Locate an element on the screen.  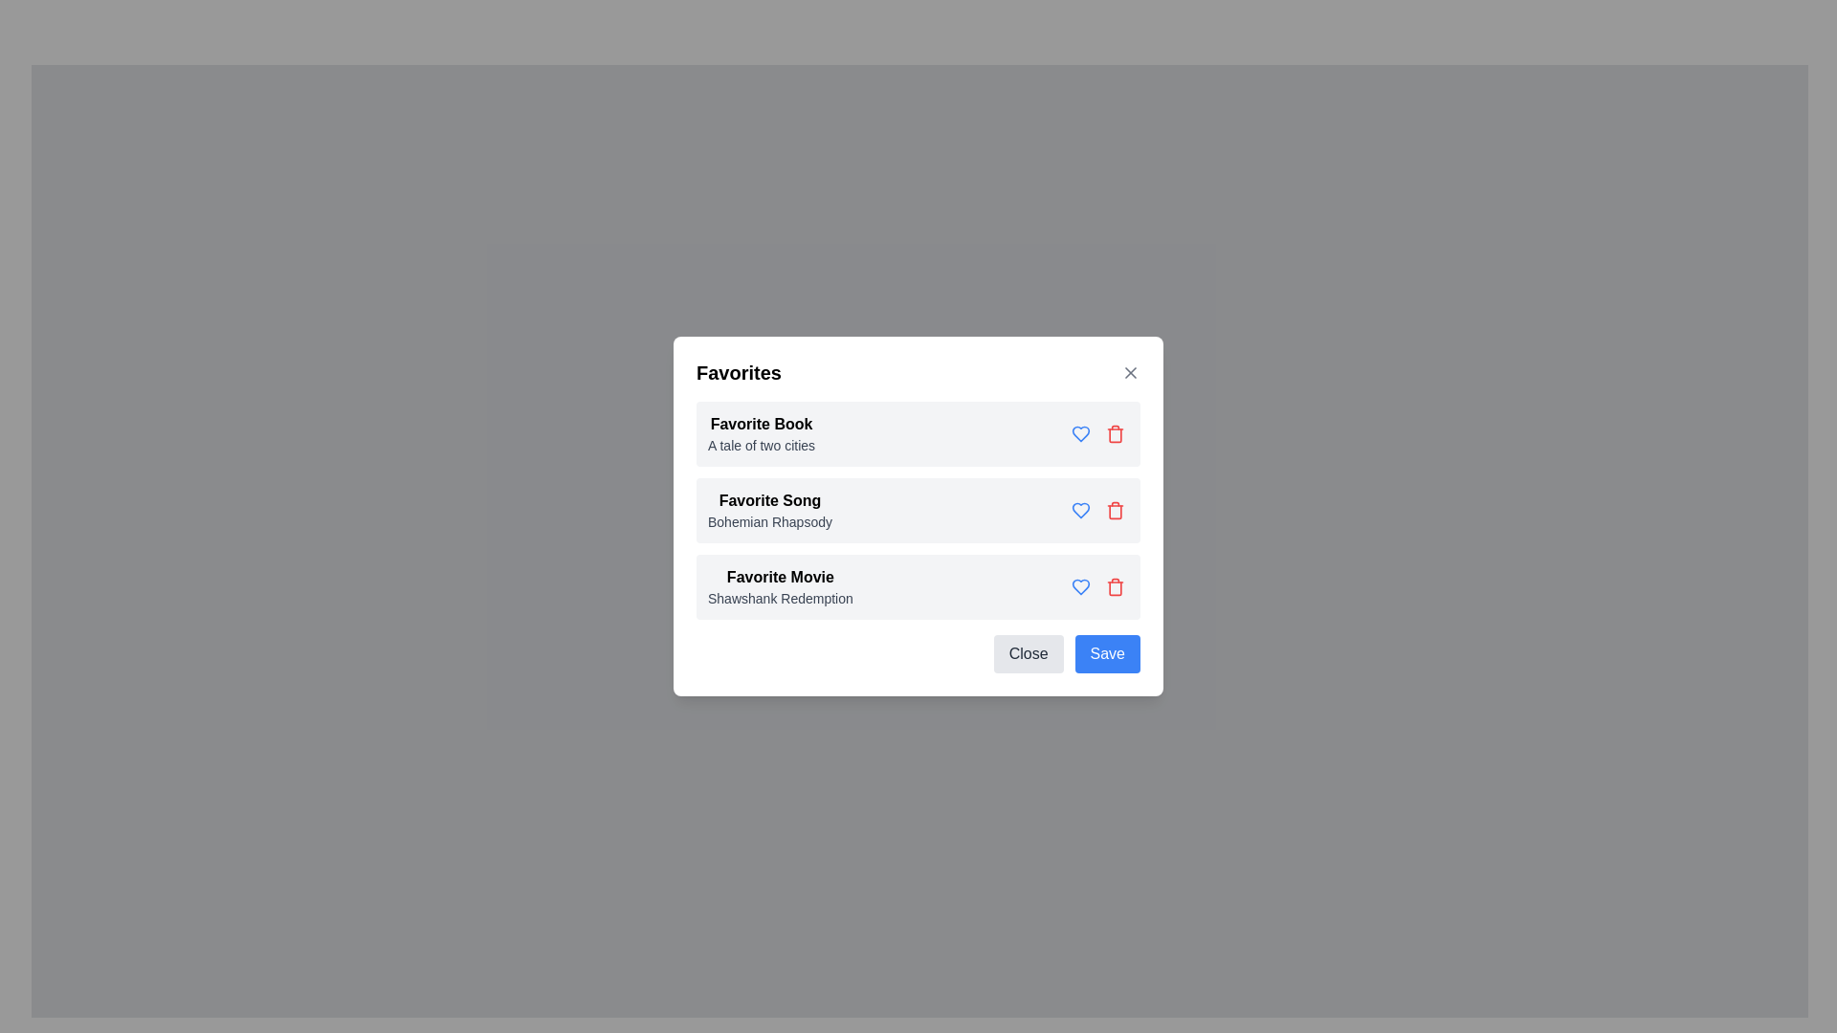
displayed texts on the third card component located at the bottom of the list within the modal dialog, which displays a favorite movie and has interactive icons for marking as favorite or deleting is located at coordinates (918, 585).